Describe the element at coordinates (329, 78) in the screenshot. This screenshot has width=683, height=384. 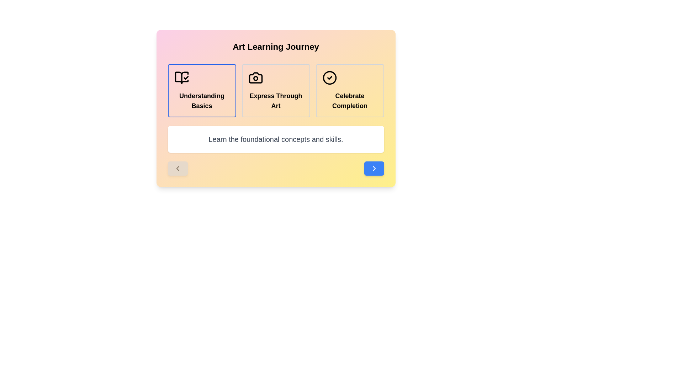
I see `the icon representing the phase Celebrate Completion` at that location.